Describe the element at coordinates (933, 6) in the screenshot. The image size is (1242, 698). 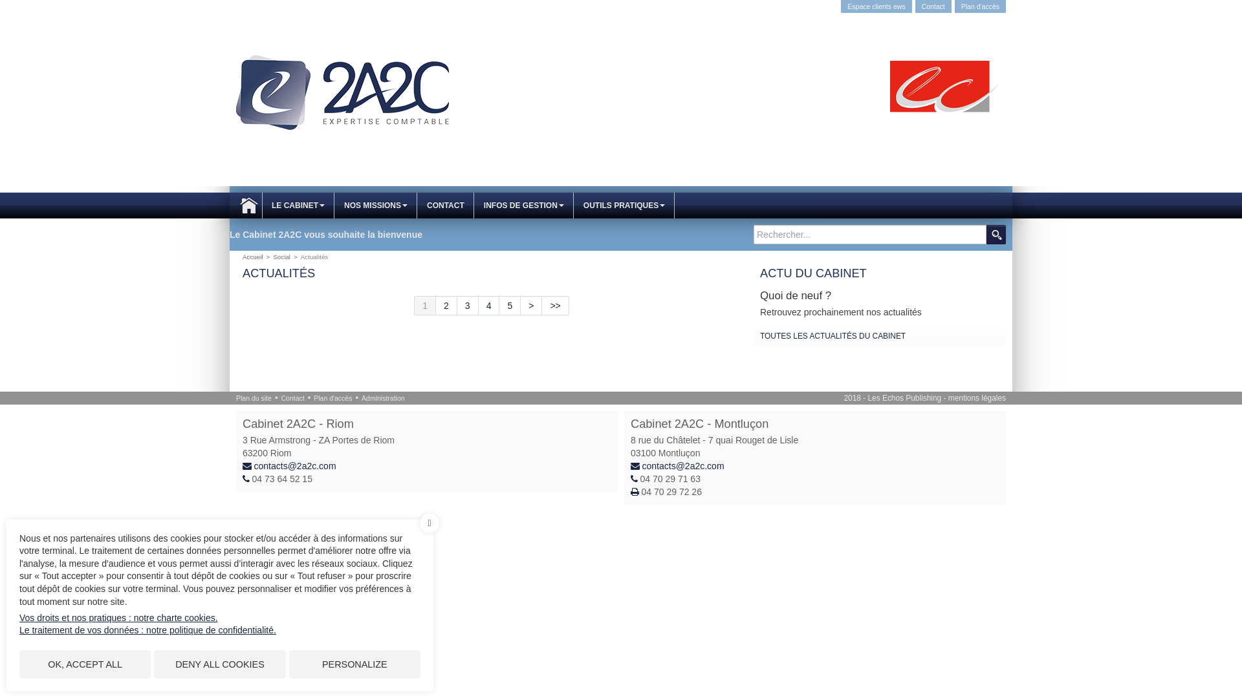
I see `'Contact'` at that location.